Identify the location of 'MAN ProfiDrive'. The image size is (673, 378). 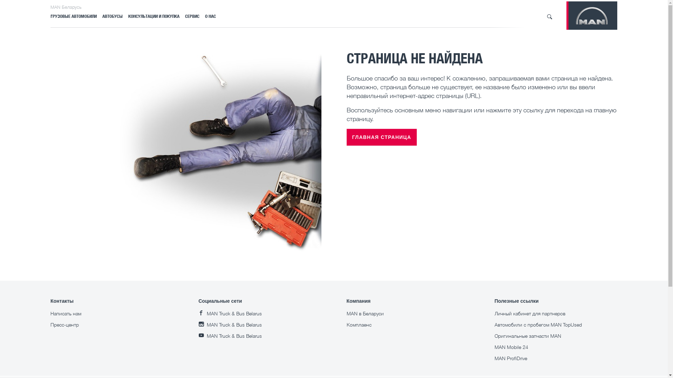
(494, 358).